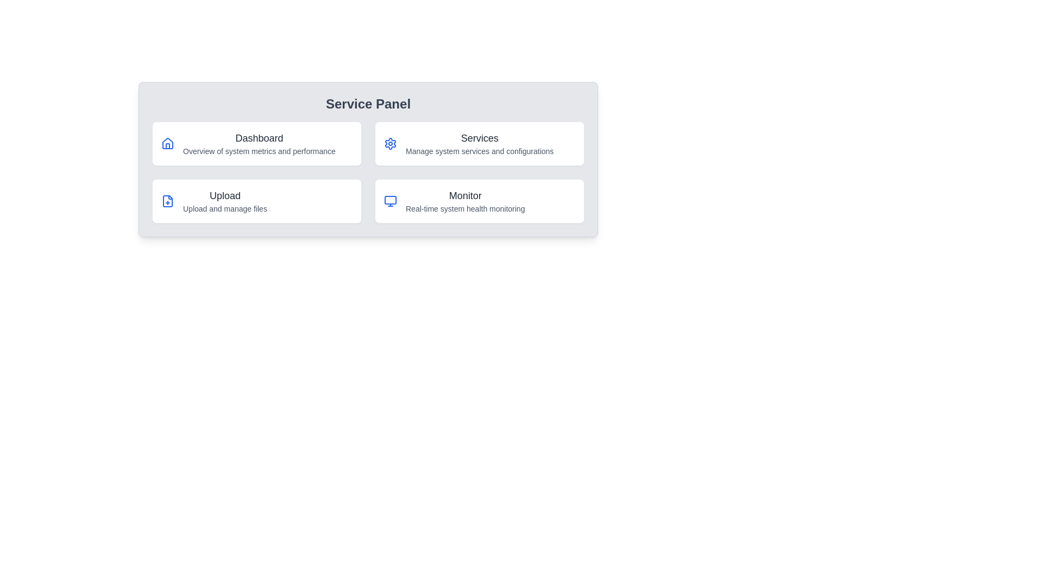 This screenshot has height=586, width=1043. Describe the element at coordinates (259, 151) in the screenshot. I see `the text label that reads 'Overview of system metrics and performance', which is positioned directly below the 'Dashboard' title in the service panel` at that location.